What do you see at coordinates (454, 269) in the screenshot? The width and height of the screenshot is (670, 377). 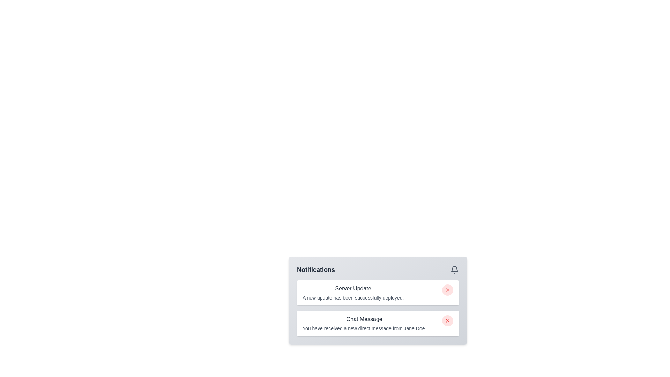 I see `the notification icon located at the top-right corner of the 'Notifications' section` at bounding box center [454, 269].